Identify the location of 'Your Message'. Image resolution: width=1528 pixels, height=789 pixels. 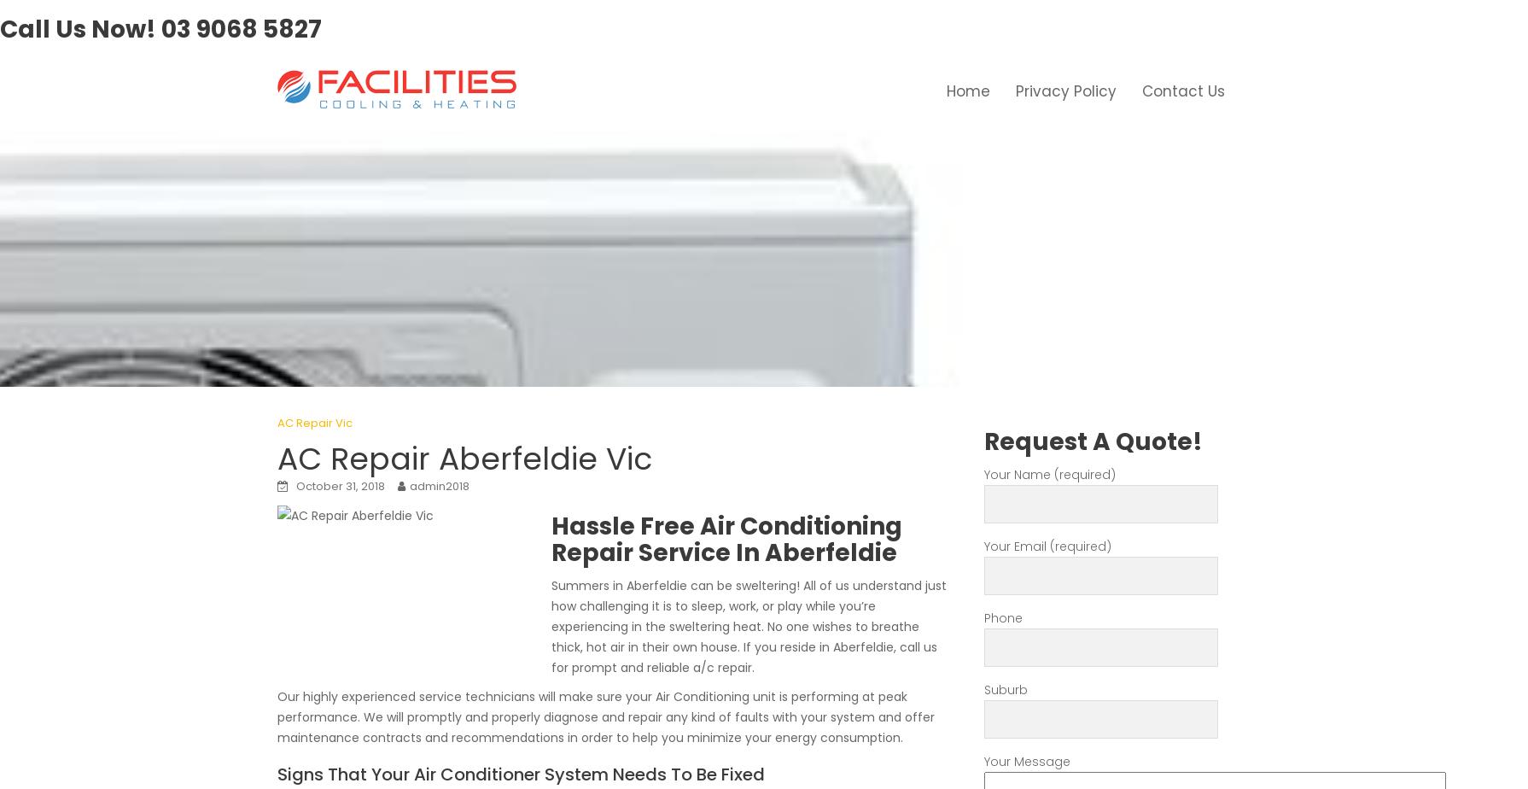
(1027, 761).